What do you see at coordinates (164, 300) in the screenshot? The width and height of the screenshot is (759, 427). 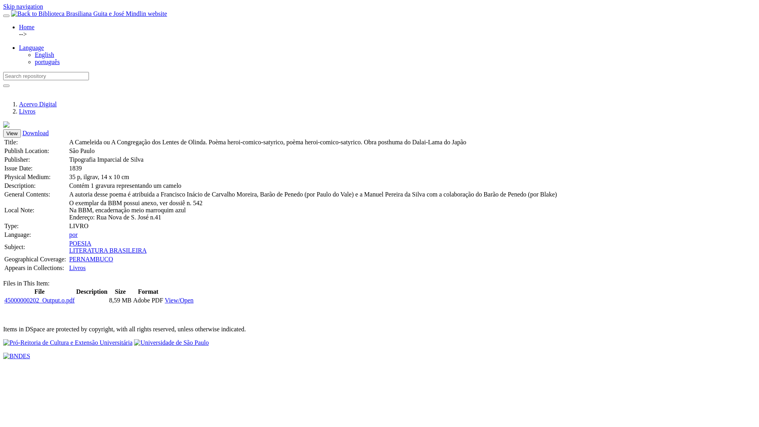 I see `'View/Open'` at bounding box center [164, 300].